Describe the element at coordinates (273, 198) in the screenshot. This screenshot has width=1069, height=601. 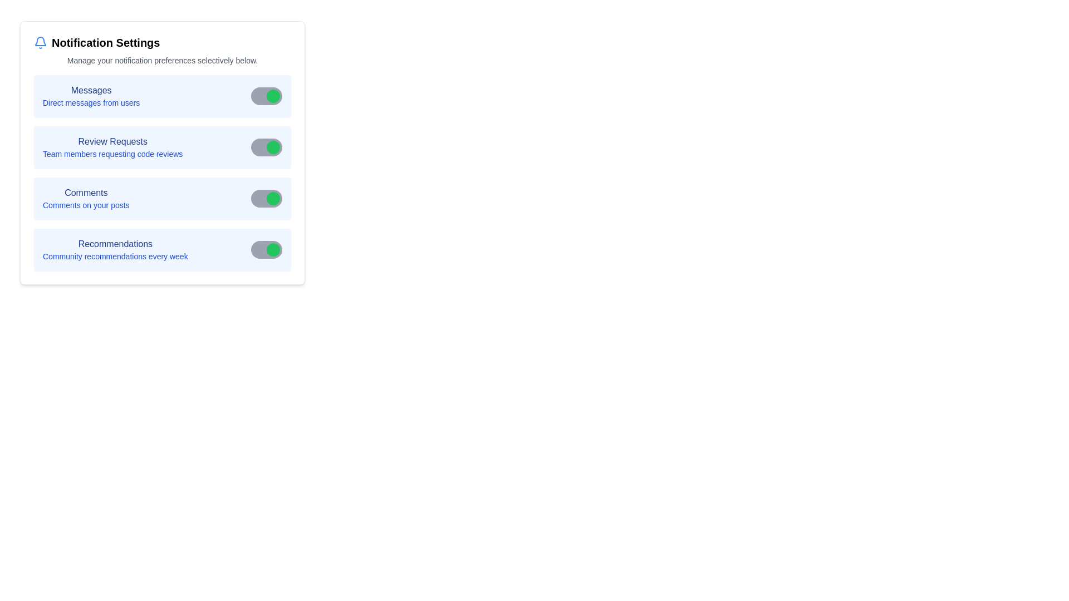
I see `the active toggle switch indicator, which is a small circular component with a green background and white border, located within the third toggle switch under the 'Comments' preference section in the Notification Settings interface` at that location.